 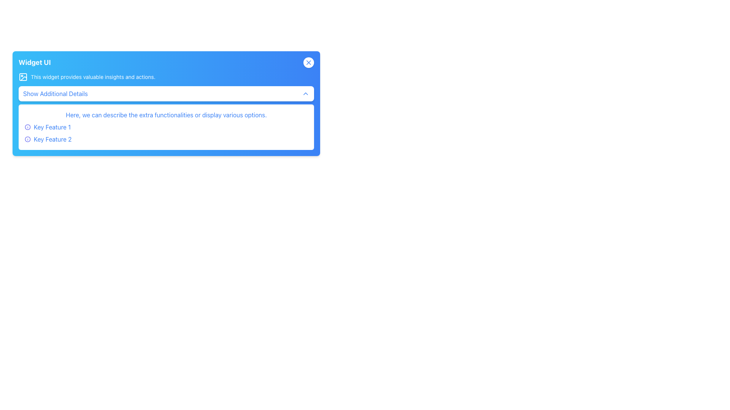 What do you see at coordinates (306, 93) in the screenshot?
I see `the chevron icon located on the far-right side of the 'Show Additional Details' button` at bounding box center [306, 93].